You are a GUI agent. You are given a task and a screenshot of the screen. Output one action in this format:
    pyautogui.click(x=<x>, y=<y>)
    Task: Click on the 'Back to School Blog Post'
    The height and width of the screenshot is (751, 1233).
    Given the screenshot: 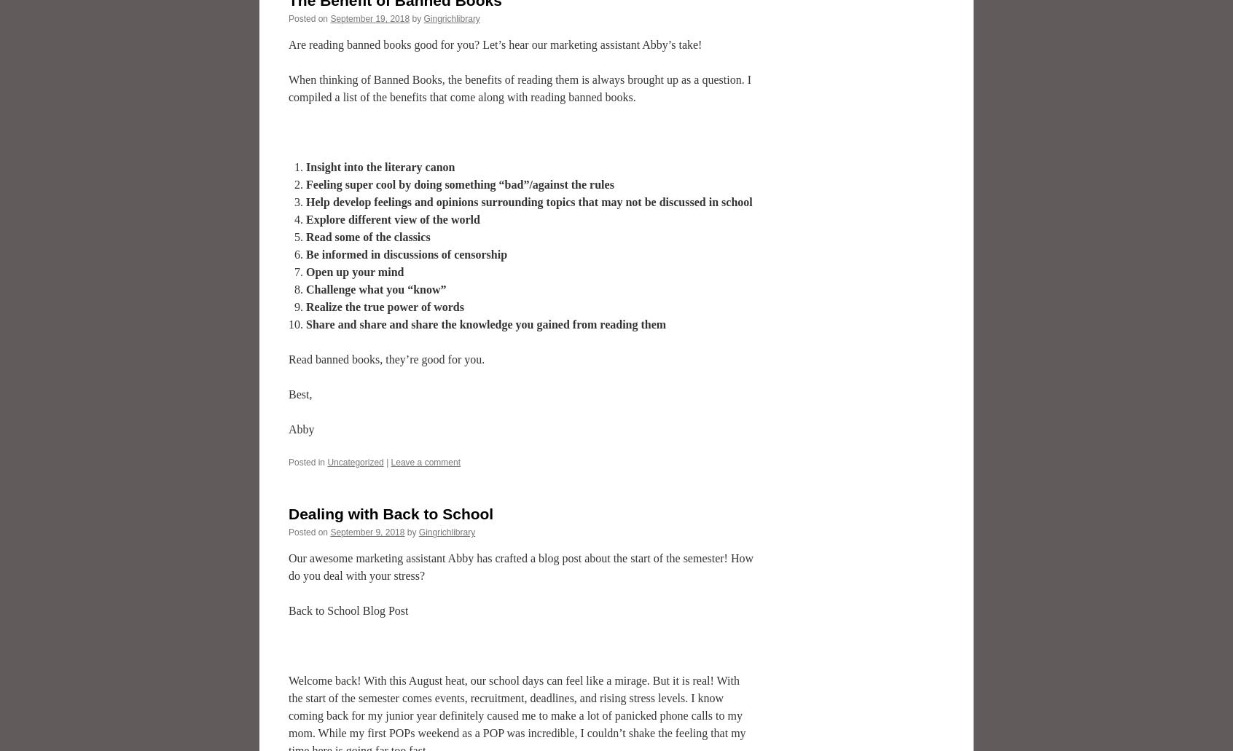 What is the action you would take?
    pyautogui.click(x=347, y=610)
    